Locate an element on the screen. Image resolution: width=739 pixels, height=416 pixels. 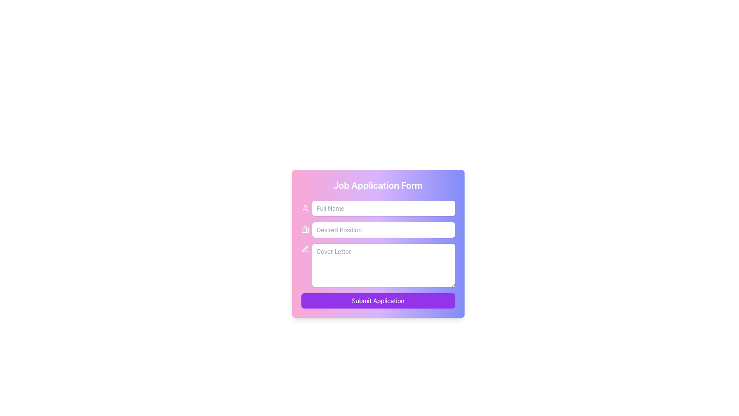
the Decorative Icon resembling a pen with a white outline on a pink background, located to the left of the 'Cover Letter' text area is located at coordinates (304, 249).